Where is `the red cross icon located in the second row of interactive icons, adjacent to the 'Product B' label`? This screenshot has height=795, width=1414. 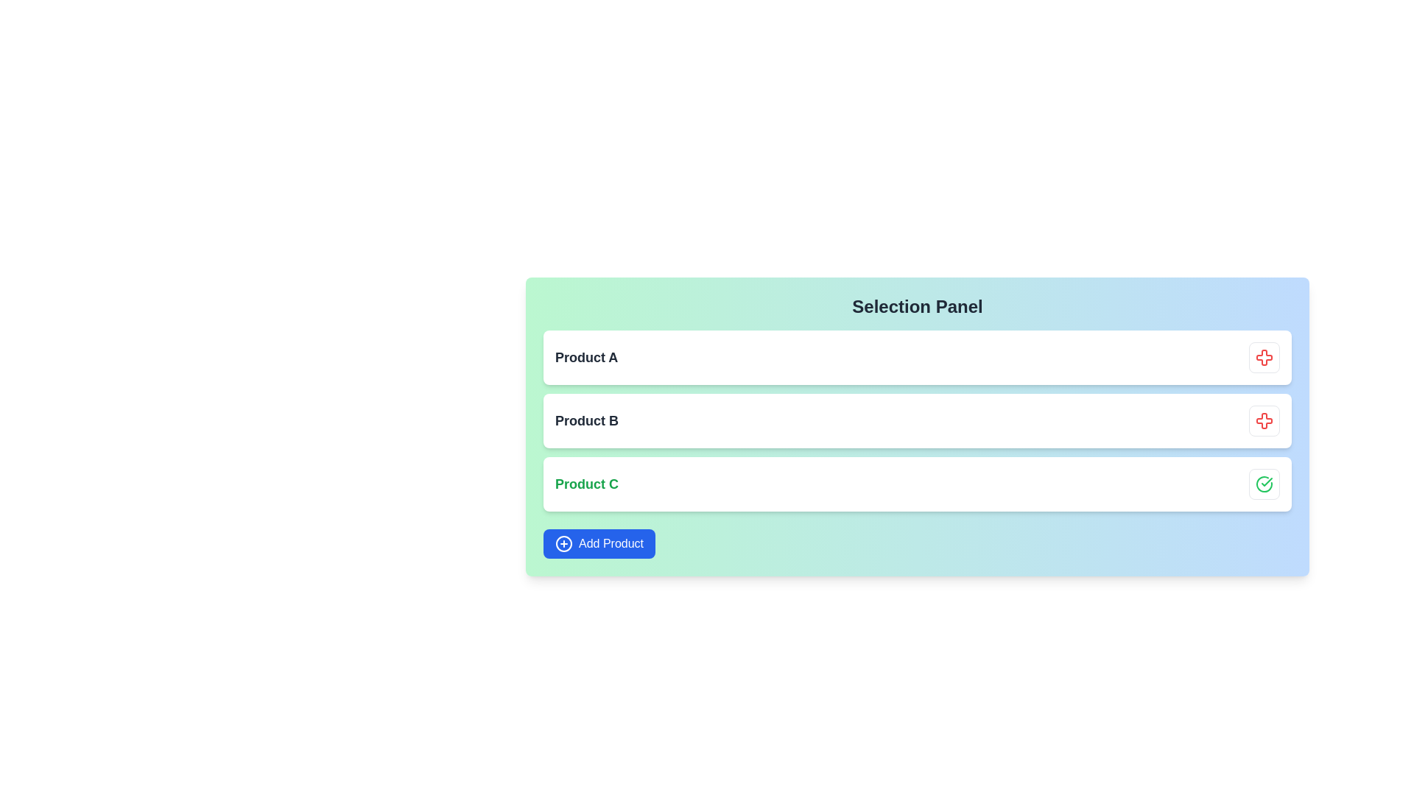
the red cross icon located in the second row of interactive icons, adjacent to the 'Product B' label is located at coordinates (1264, 358).